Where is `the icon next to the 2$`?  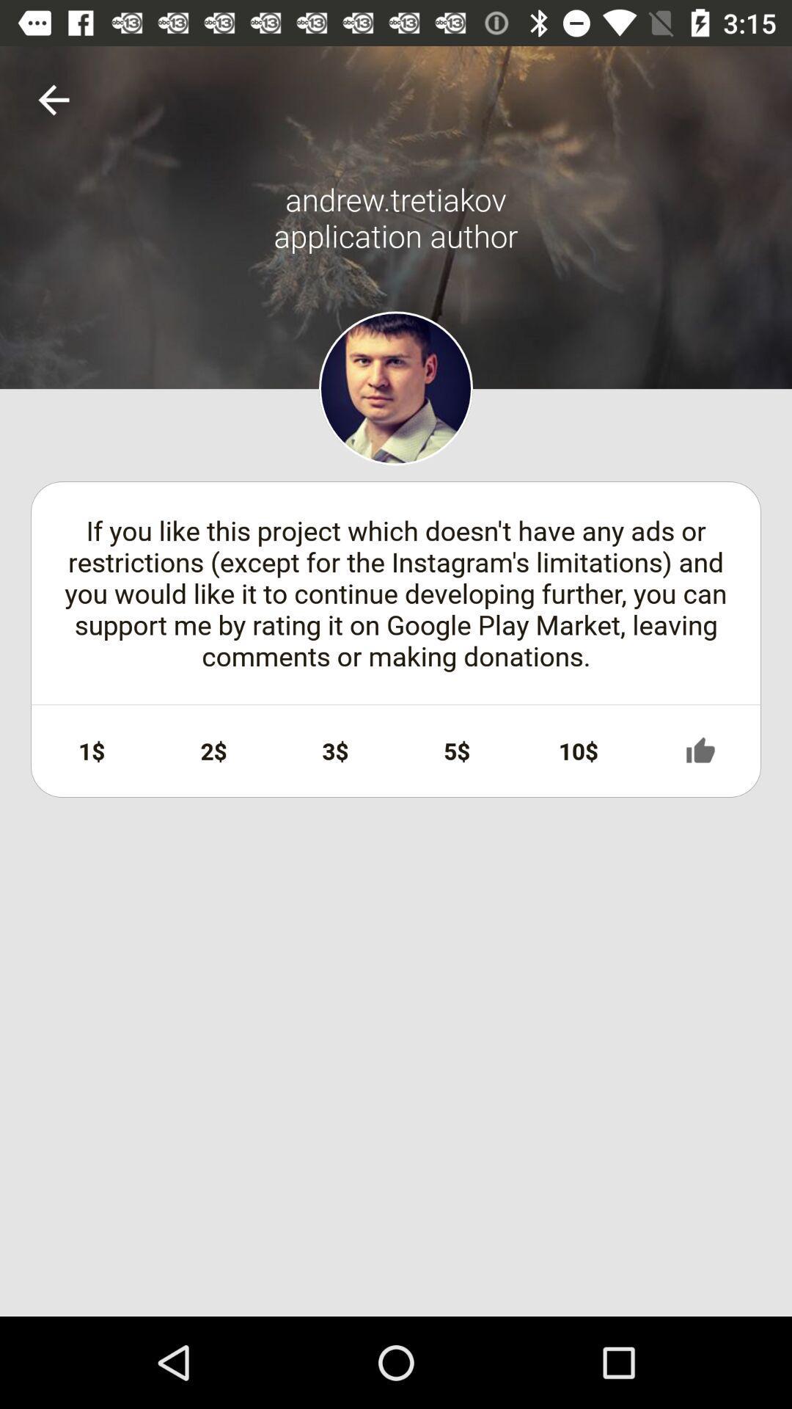 the icon next to the 2$ is located at coordinates (335, 751).